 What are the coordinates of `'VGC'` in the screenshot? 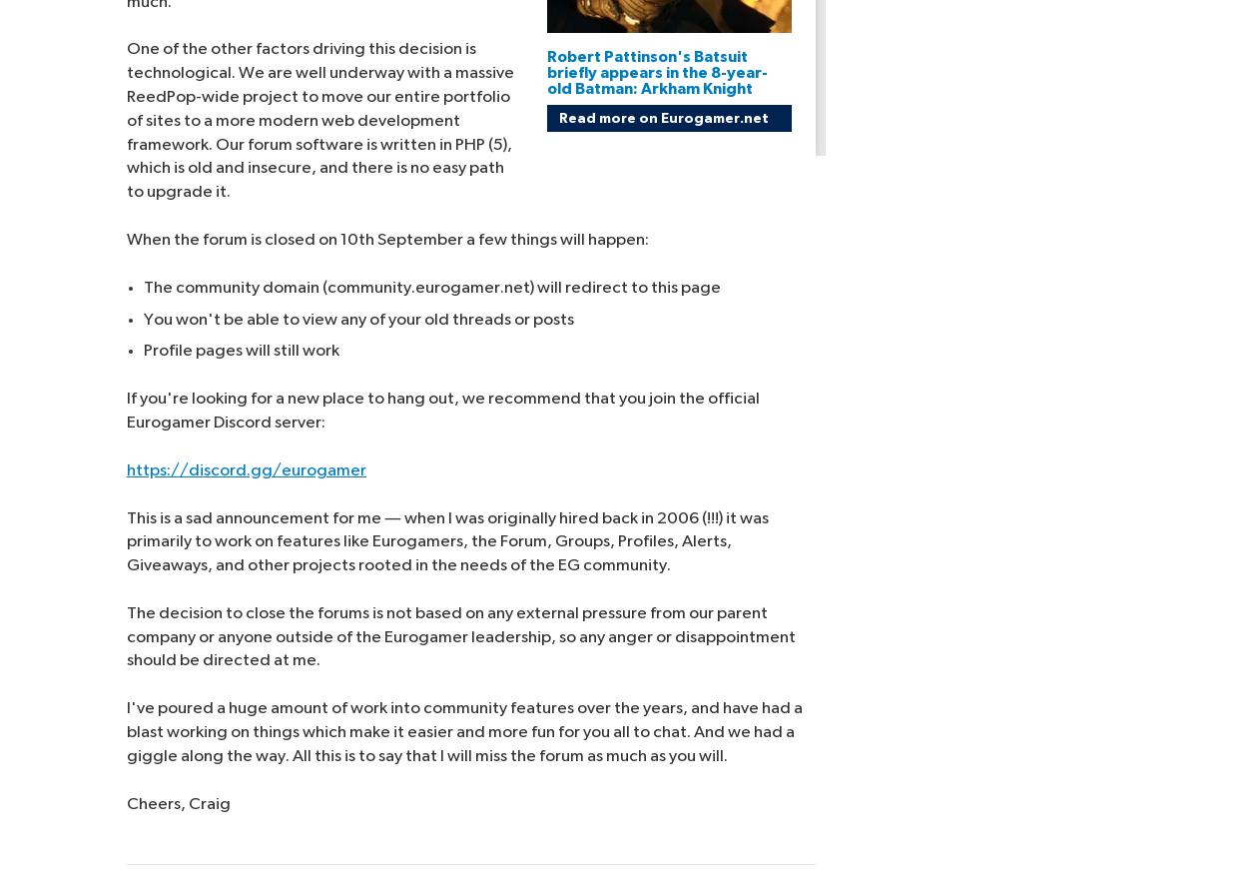 It's located at (1051, 92).